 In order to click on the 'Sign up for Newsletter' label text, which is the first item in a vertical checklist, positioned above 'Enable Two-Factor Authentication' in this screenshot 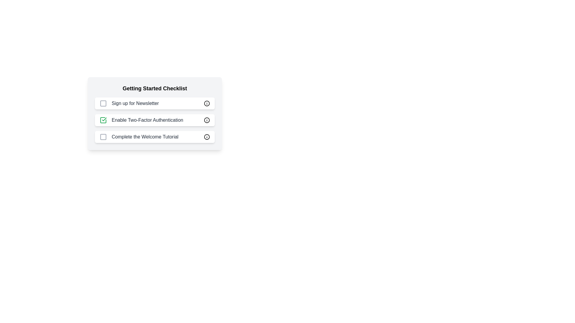, I will do `click(135, 103)`.